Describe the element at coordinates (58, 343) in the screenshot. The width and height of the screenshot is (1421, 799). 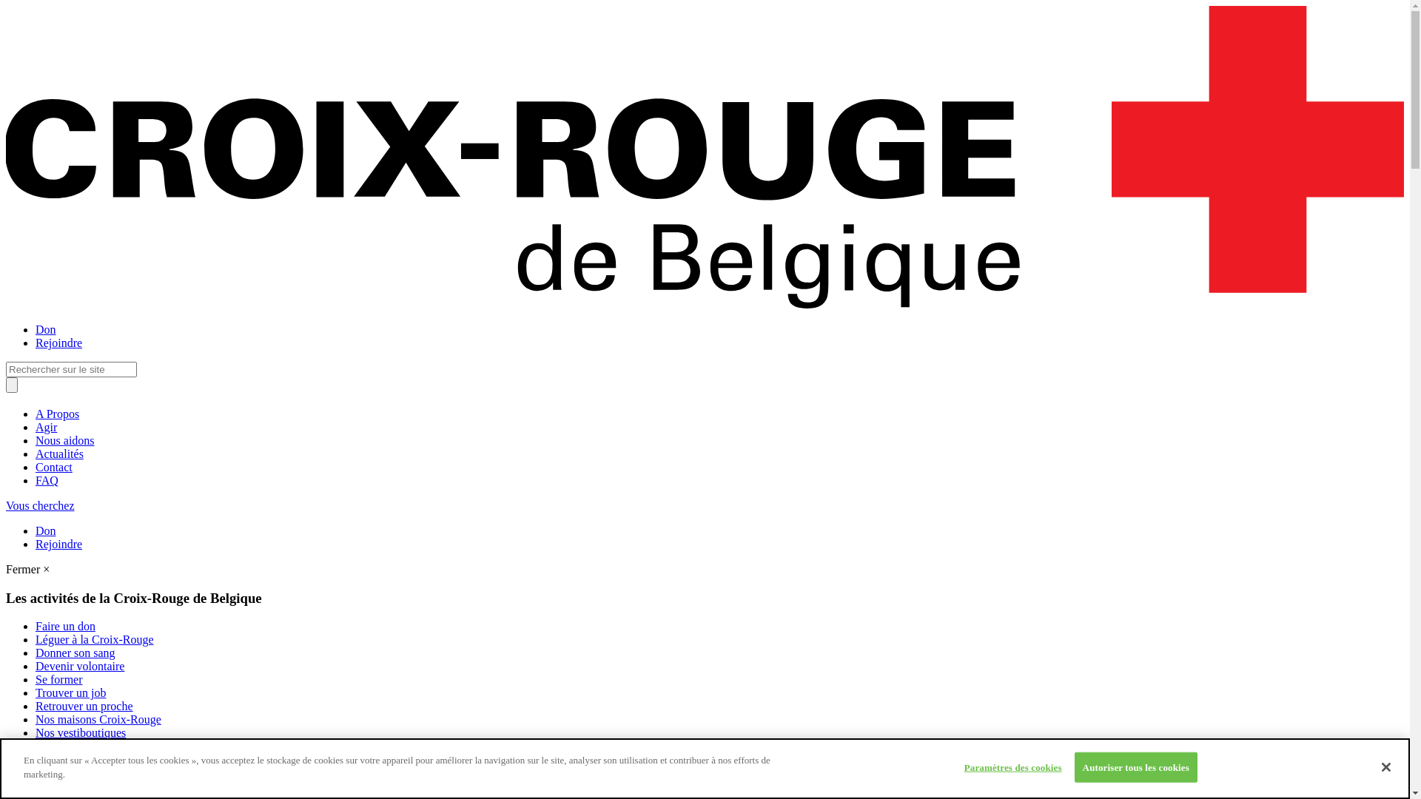
I see `'Rejoindre'` at that location.